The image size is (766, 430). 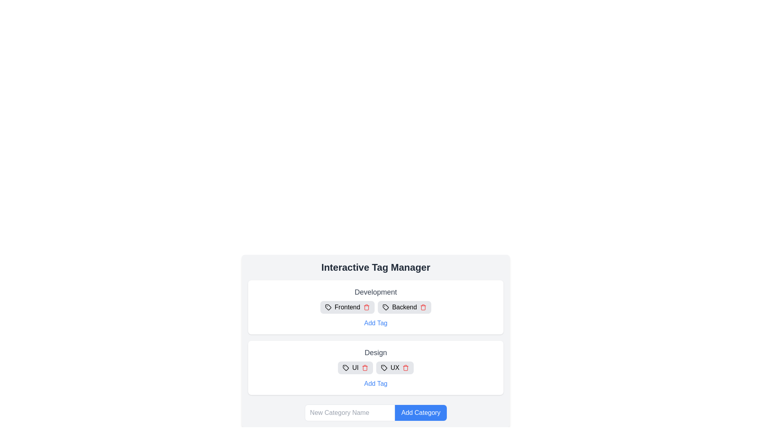 What do you see at coordinates (423, 307) in the screenshot?
I see `the delete button for the 'Backend' tag, which is located inside a gray rounded box labeled 'Backend' under the 'Development' section of the interface` at bounding box center [423, 307].